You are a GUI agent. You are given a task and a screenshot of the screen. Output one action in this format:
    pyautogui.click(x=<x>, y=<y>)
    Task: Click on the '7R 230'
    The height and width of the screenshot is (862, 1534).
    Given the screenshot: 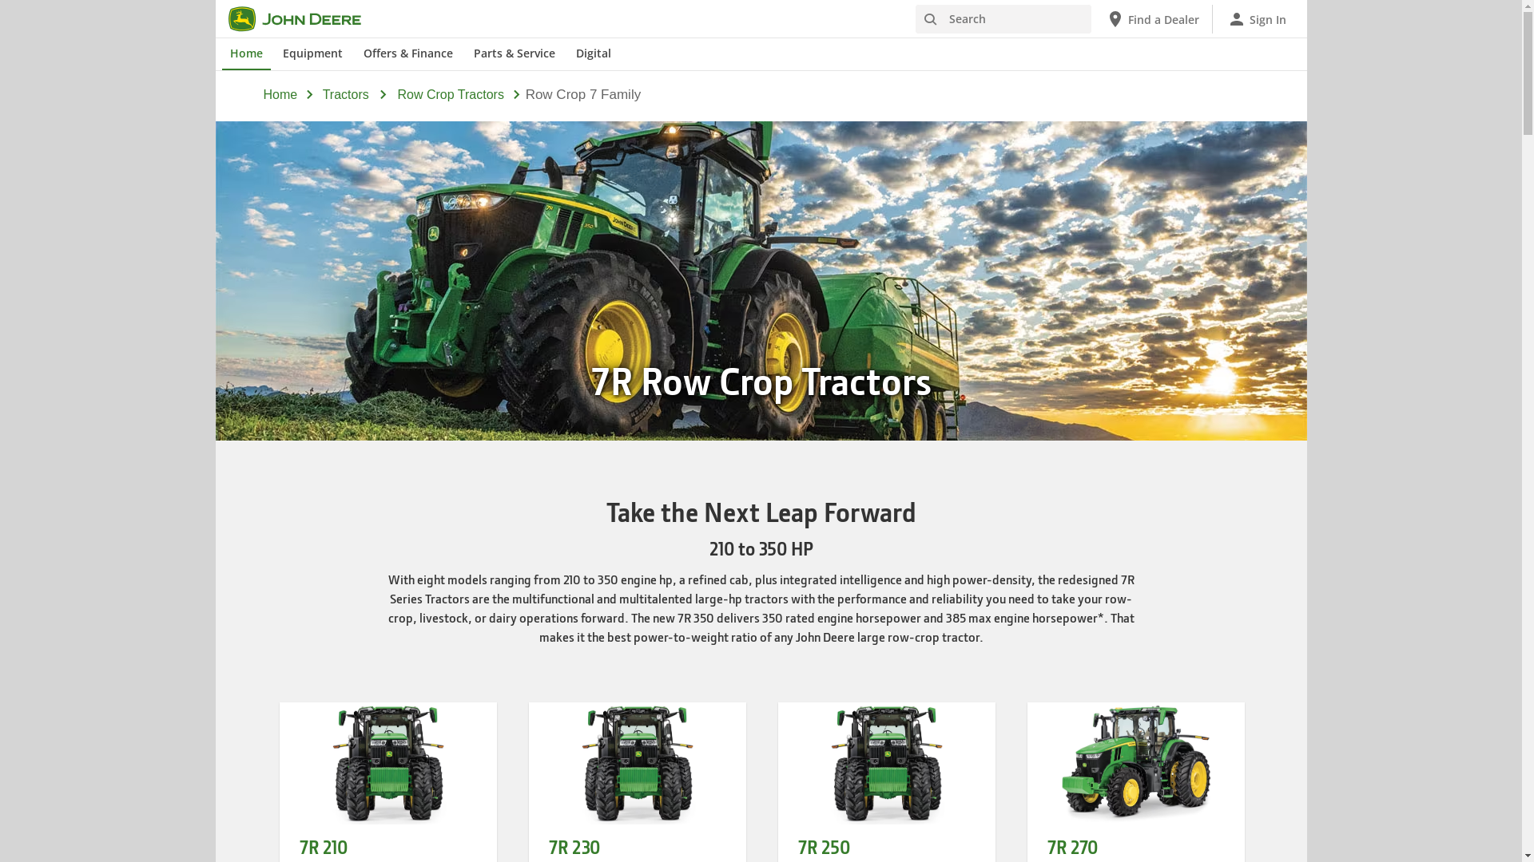 What is the action you would take?
    pyautogui.click(x=574, y=846)
    